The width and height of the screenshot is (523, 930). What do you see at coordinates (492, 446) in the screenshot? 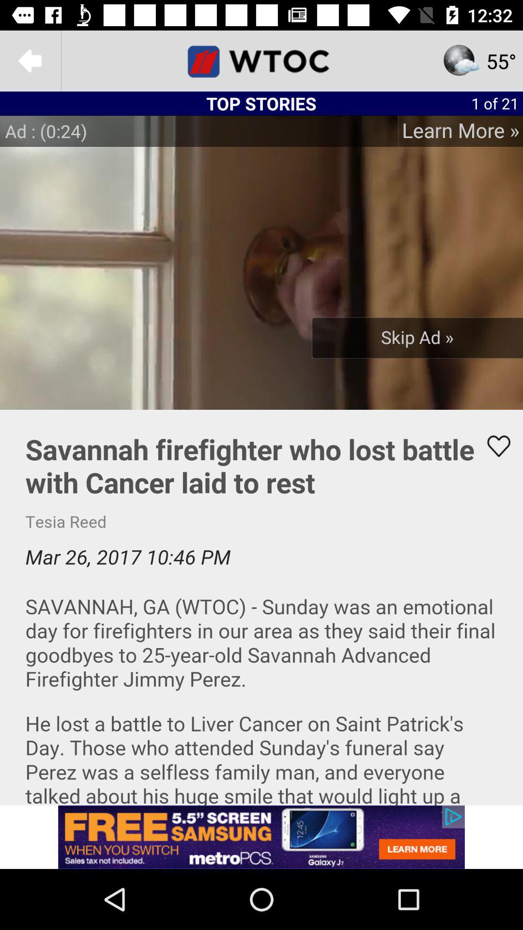
I see `favorites` at bounding box center [492, 446].